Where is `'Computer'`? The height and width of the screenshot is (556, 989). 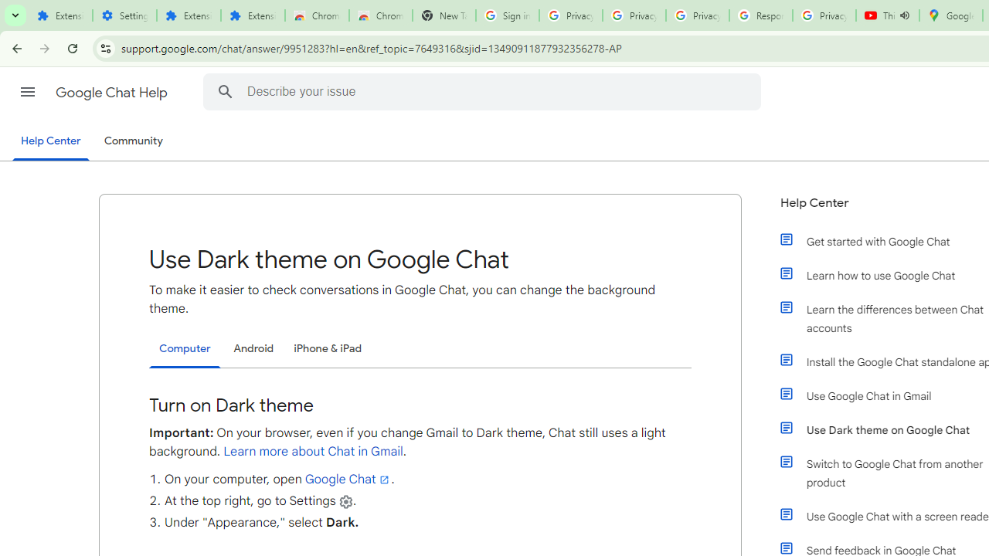 'Computer' is located at coordinates (185, 349).